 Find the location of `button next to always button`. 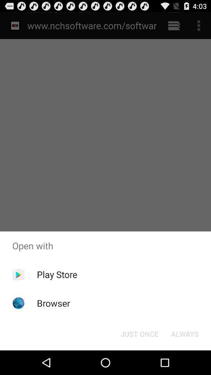

button next to always button is located at coordinates (139, 333).